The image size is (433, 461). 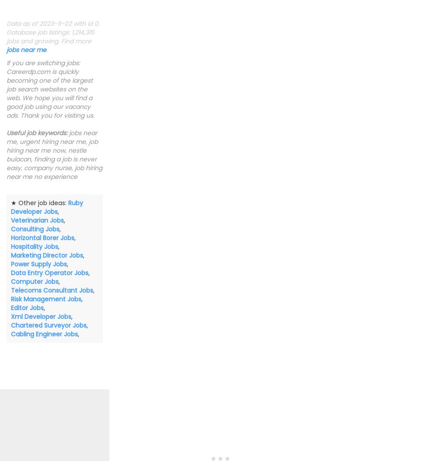 I want to click on 'jobs near me', so click(x=6, y=49).